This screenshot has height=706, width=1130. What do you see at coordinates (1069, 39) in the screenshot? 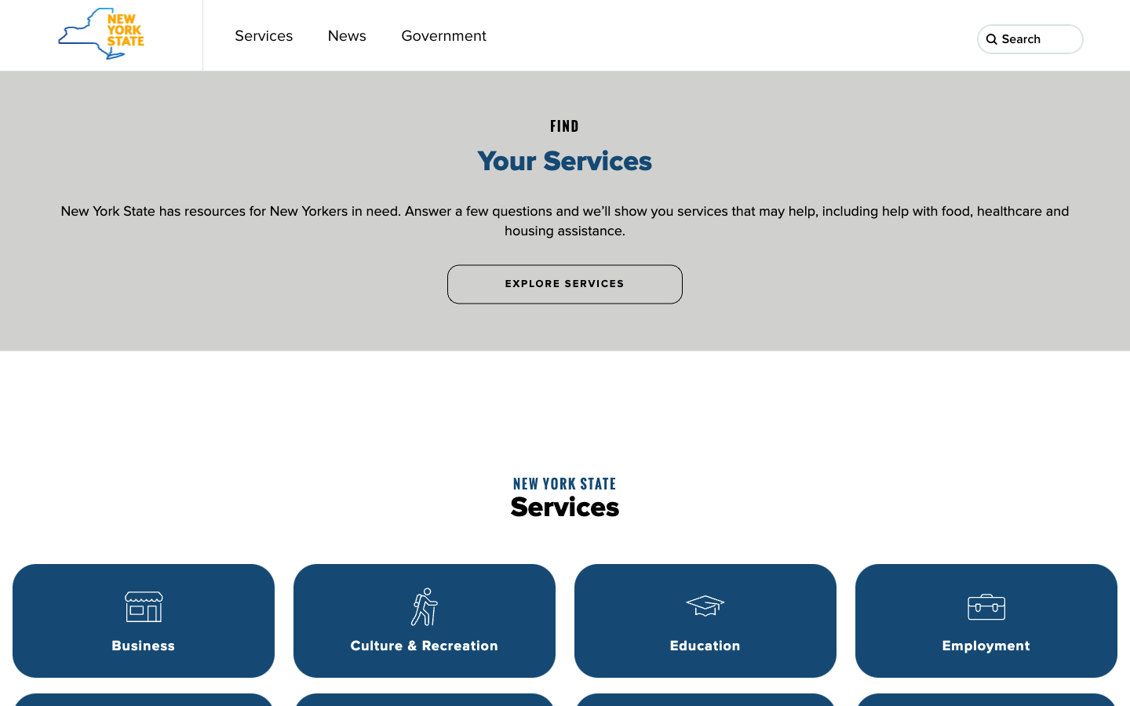
I see `Input "bank" into the search bar and proceed` at bounding box center [1069, 39].